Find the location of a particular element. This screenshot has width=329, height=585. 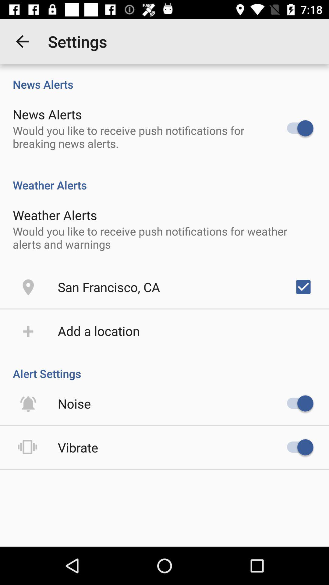

item next to the san francisco, ca is located at coordinates (303, 286).